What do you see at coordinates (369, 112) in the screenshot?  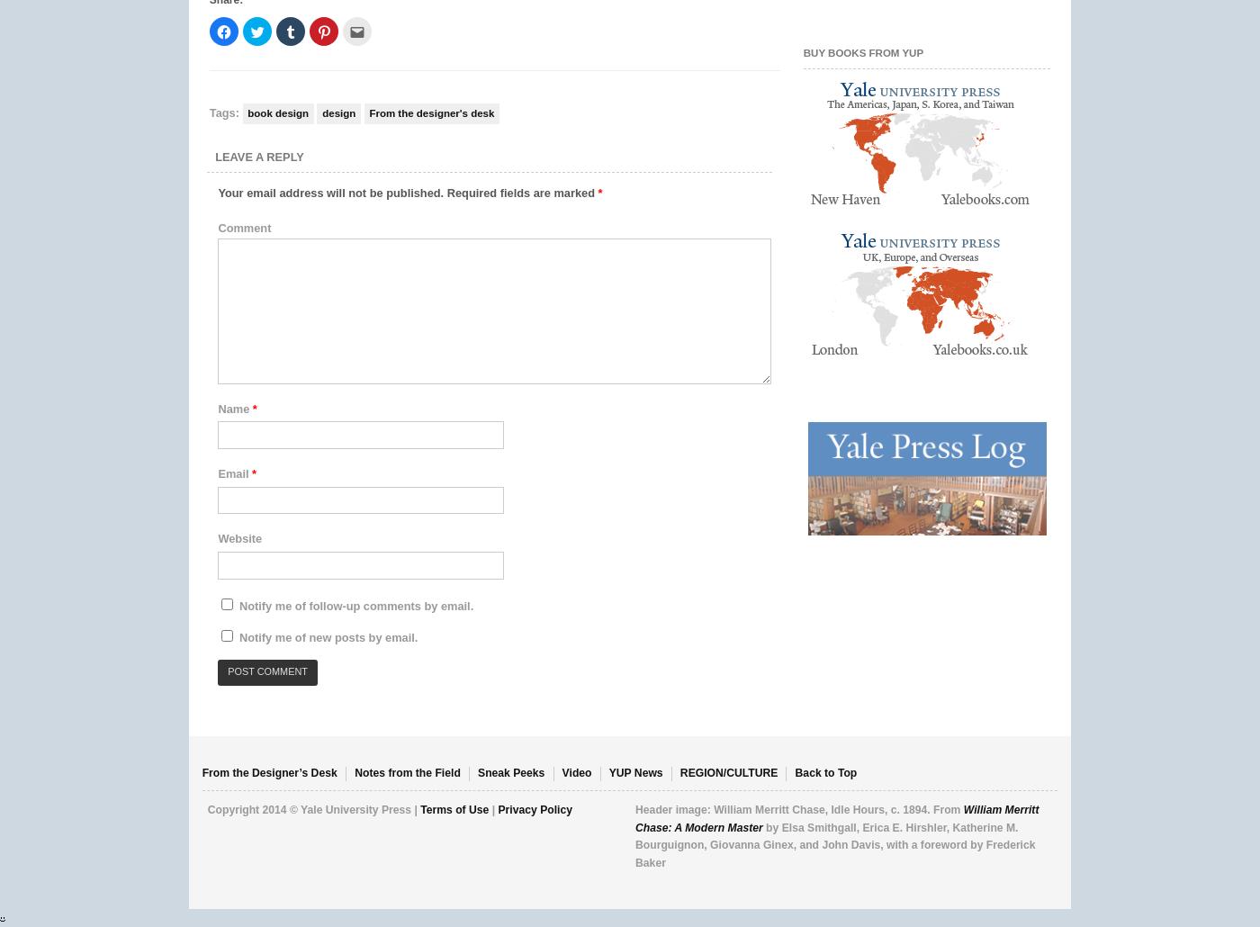 I see `'From the designer's desk'` at bounding box center [369, 112].